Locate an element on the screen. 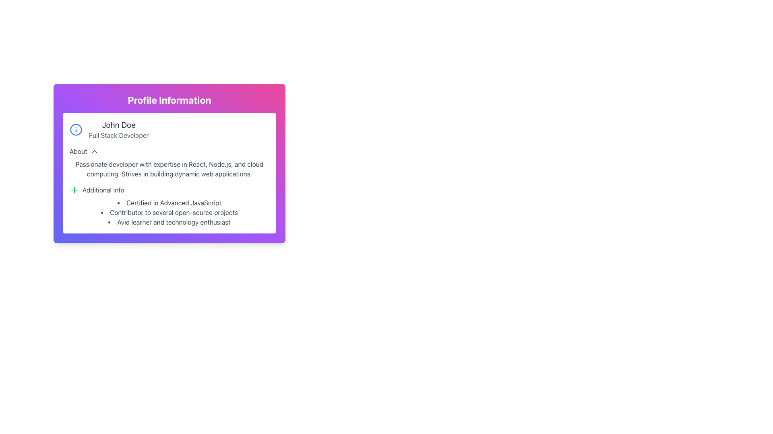 The height and width of the screenshot is (434, 773). the 'About' text block that contains a heading in bold labeled 'About' and a paragraph detailing a developer's expertise in React and Node.js, positioned between the 'John Doe Full Stack Developer' section and the 'Additional Info' section is located at coordinates (169, 163).